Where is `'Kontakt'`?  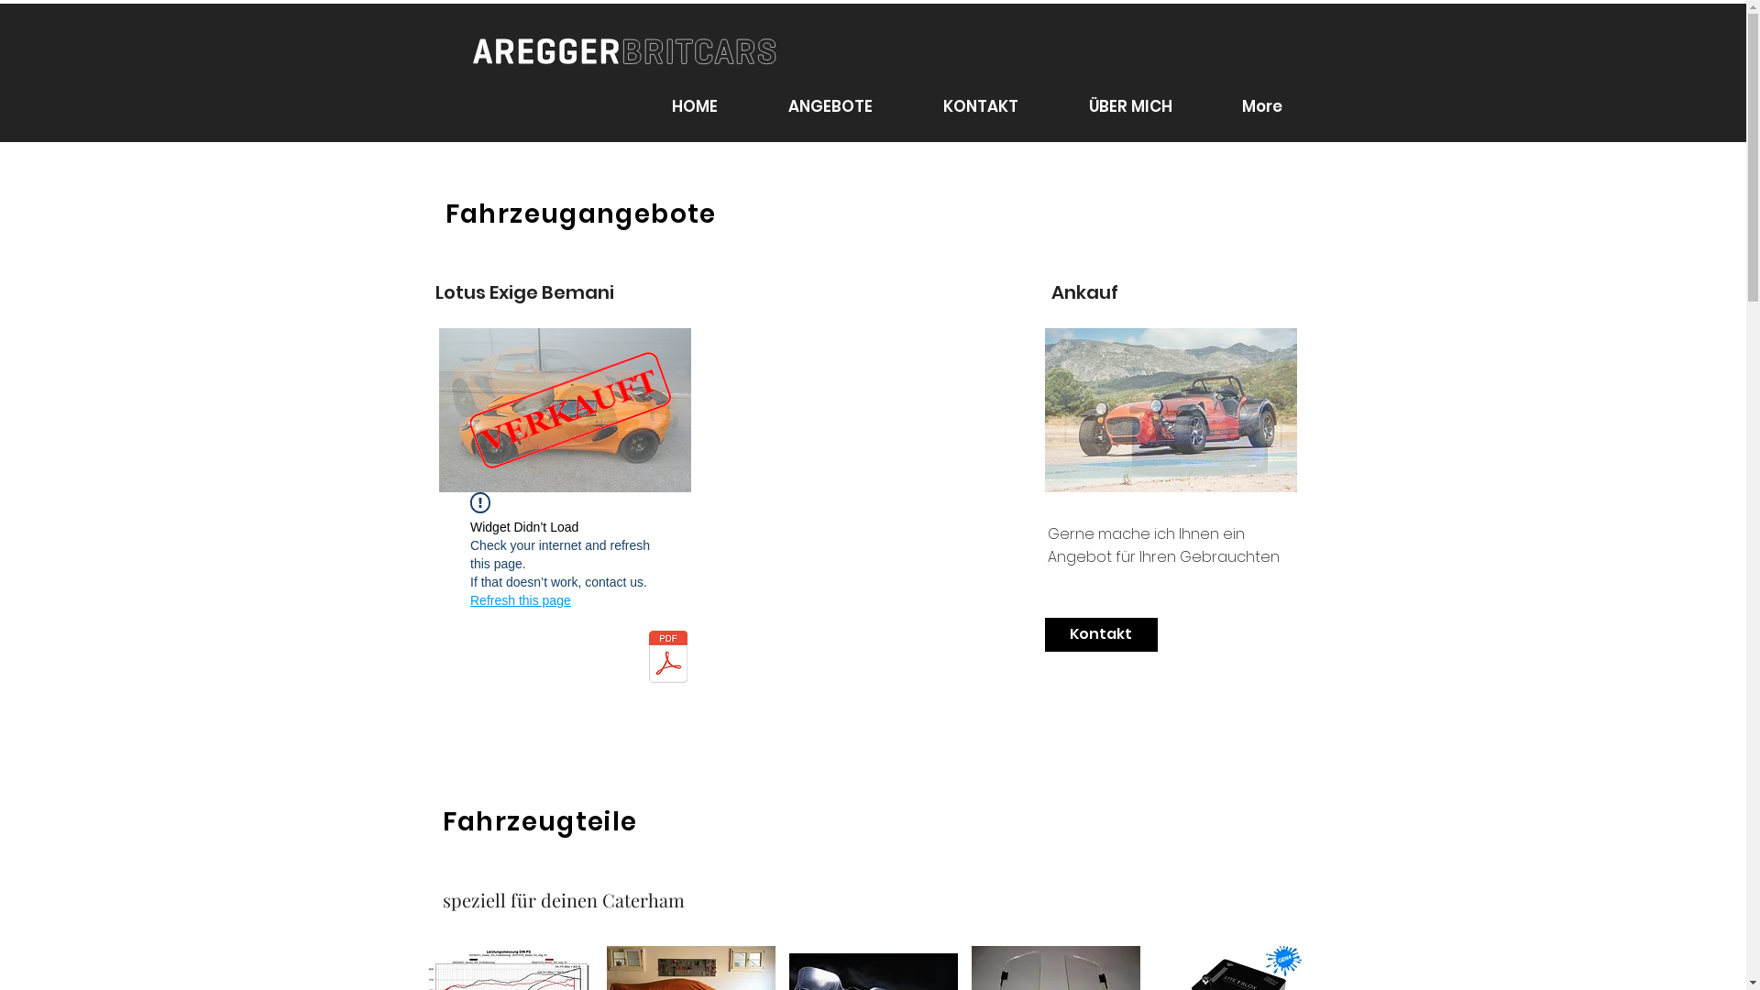 'Kontakt' is located at coordinates (1100, 633).